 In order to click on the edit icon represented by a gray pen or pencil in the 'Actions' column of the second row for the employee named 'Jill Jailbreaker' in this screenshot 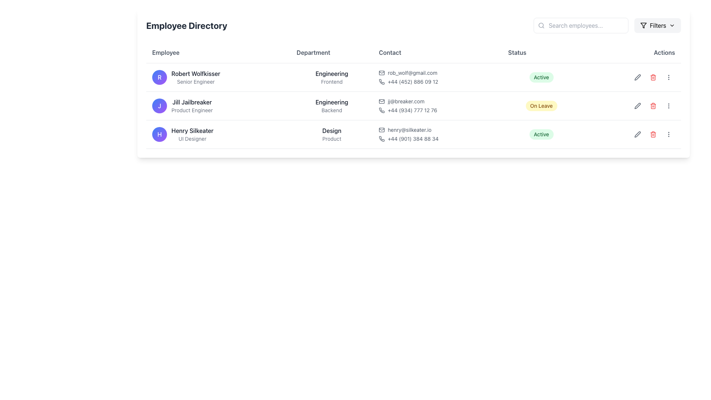, I will do `click(637, 106)`.